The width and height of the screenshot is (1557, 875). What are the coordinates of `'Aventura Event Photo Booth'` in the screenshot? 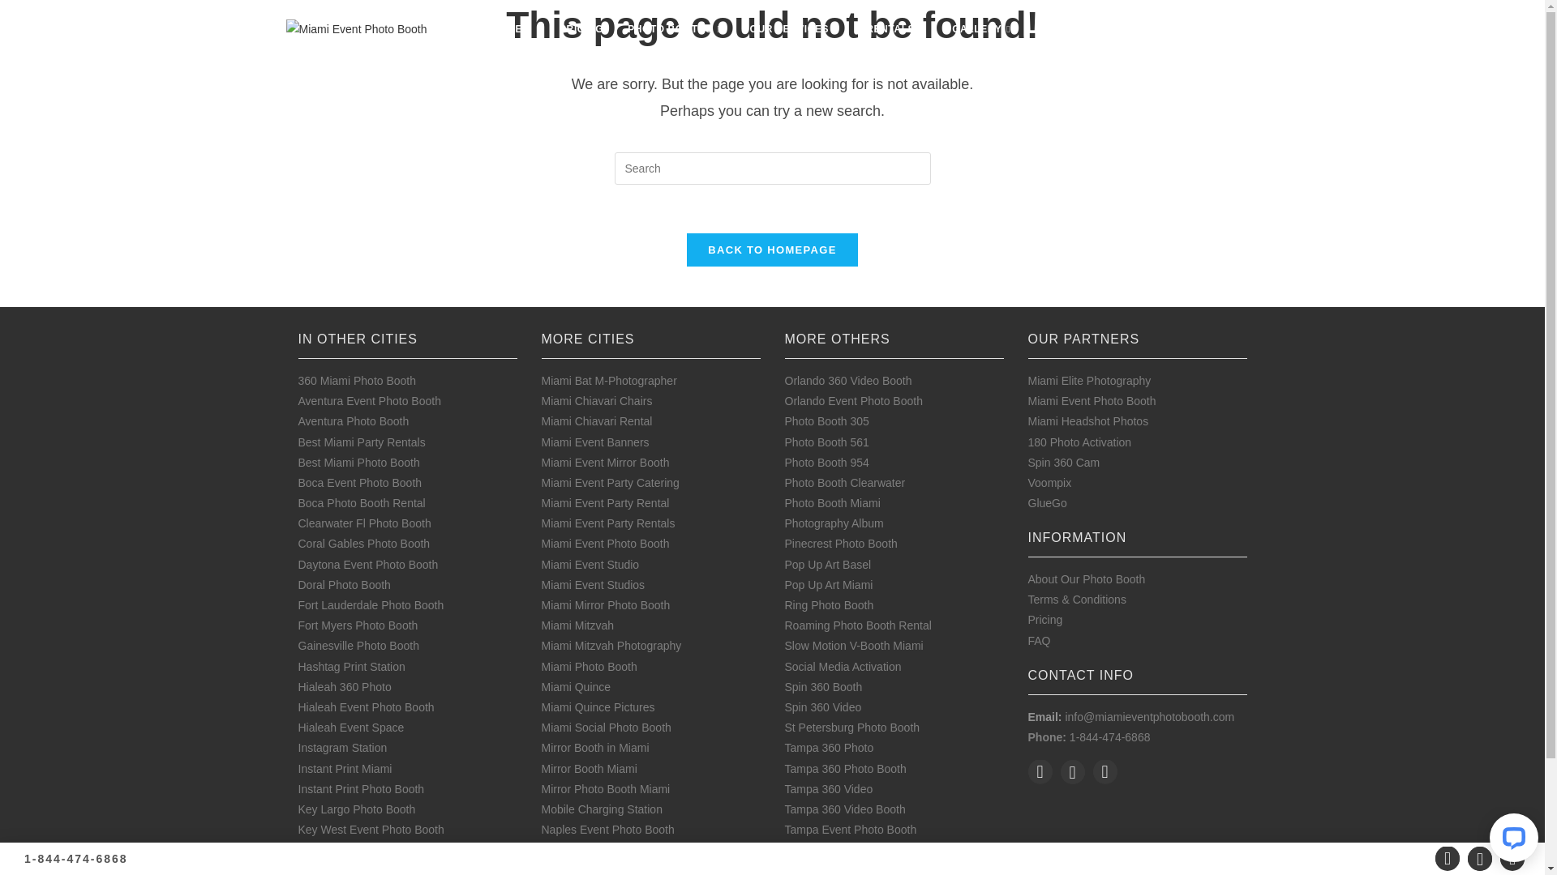 It's located at (369, 400).